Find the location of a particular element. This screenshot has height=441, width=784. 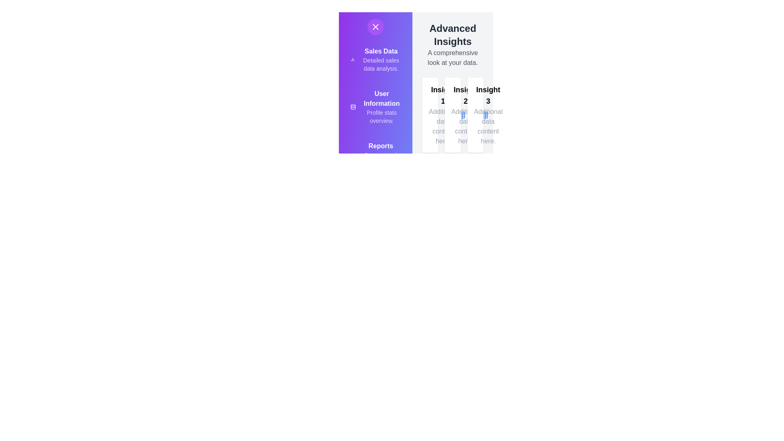

the menu item labeled 'User Information' to view its details is located at coordinates (375, 107).